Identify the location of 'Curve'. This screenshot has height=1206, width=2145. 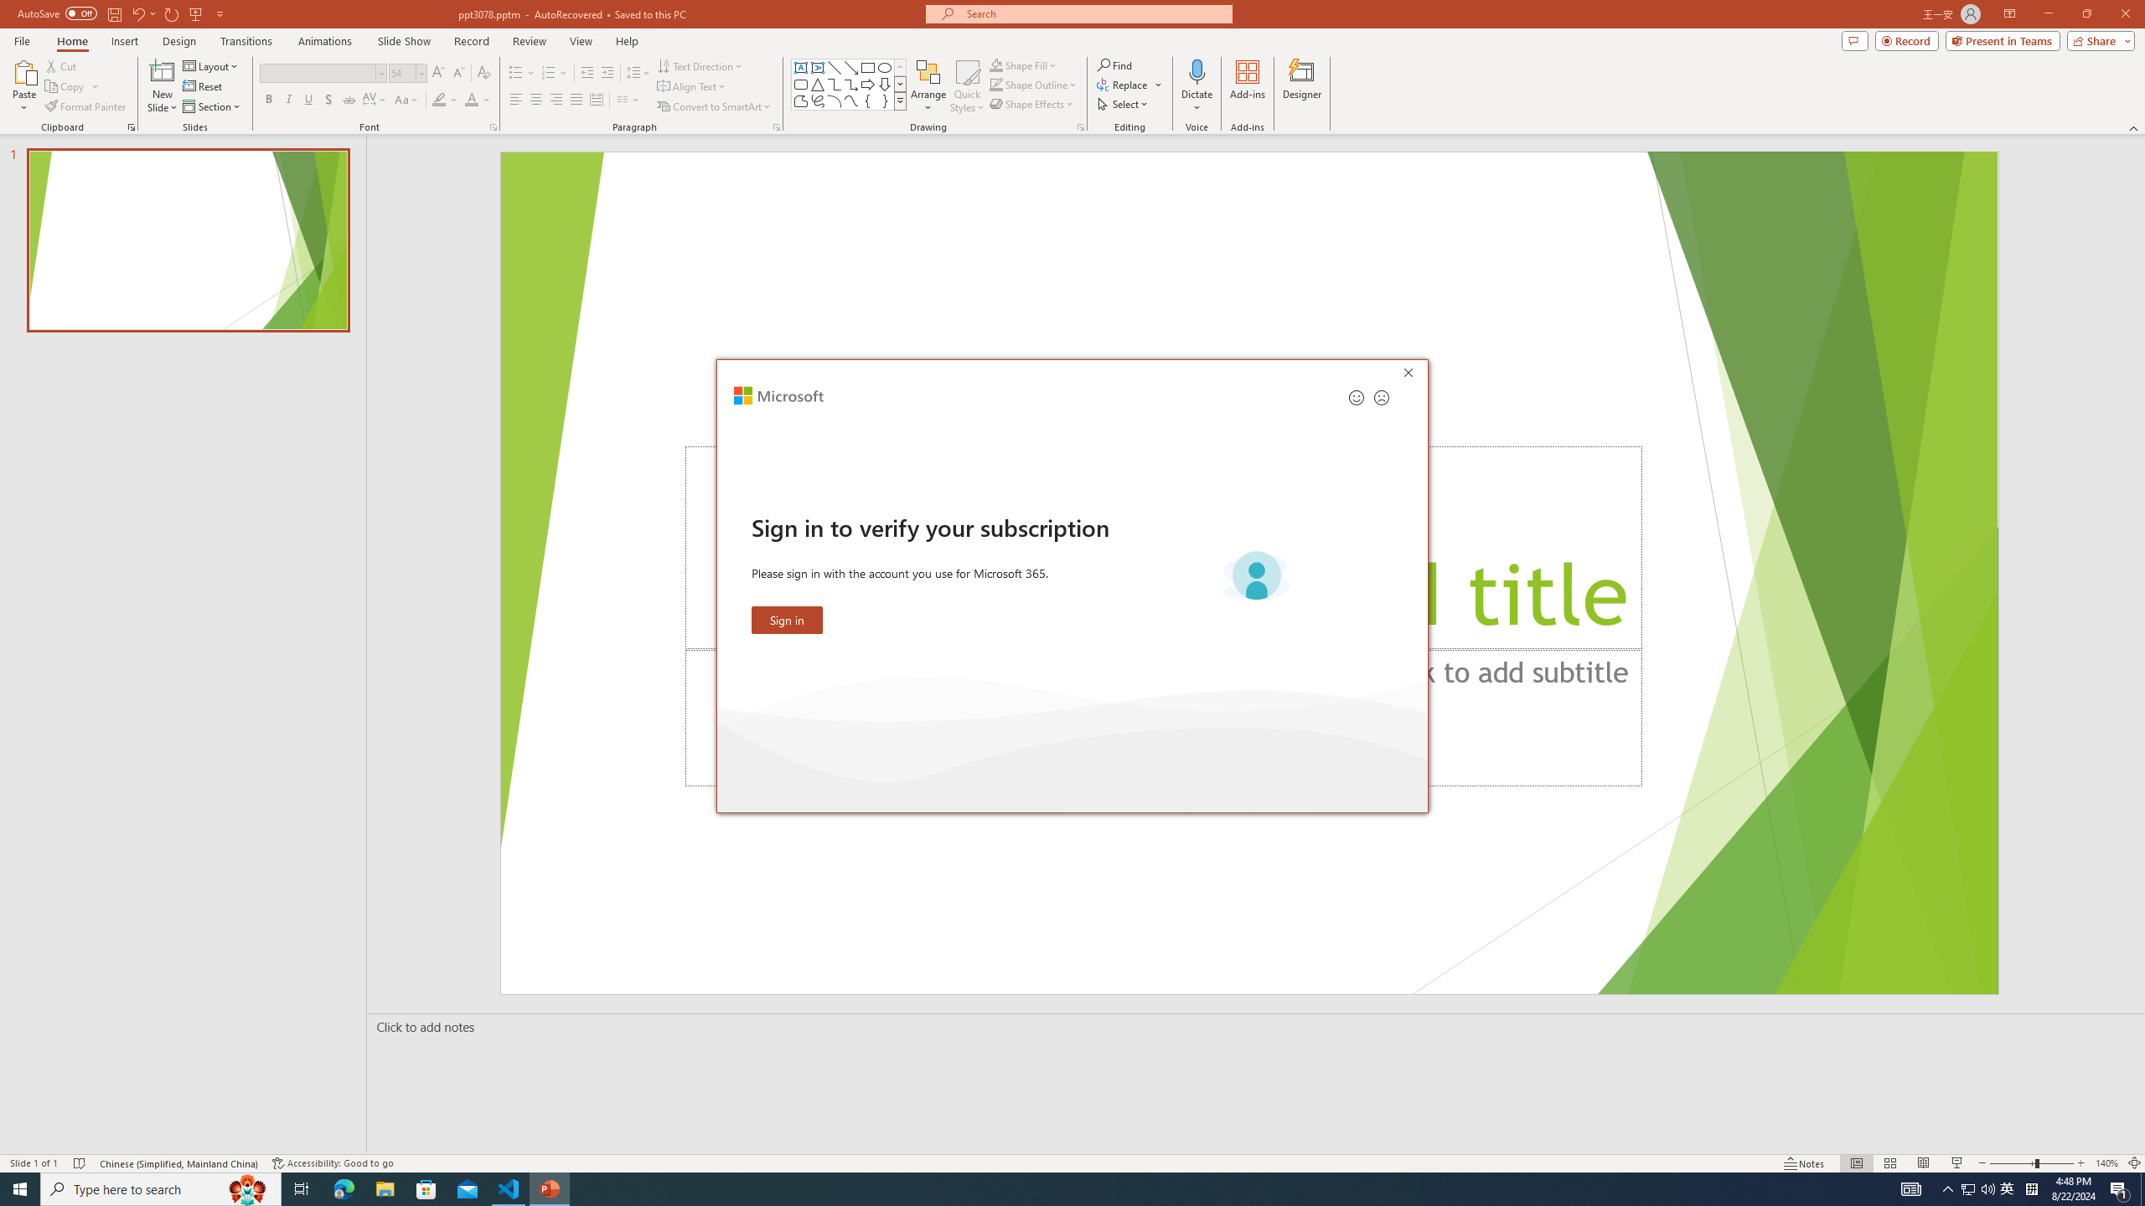
(850, 100).